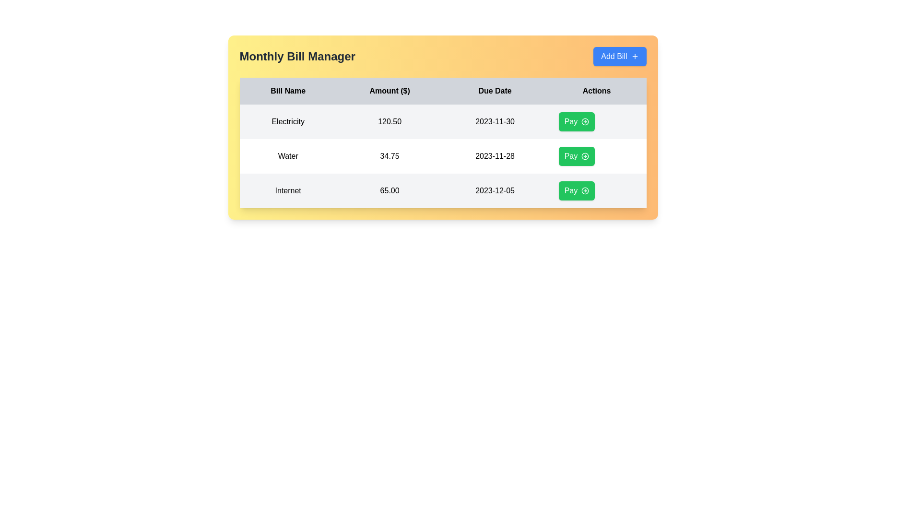  What do you see at coordinates (495, 121) in the screenshot?
I see `static text element displaying '2023-11-30' in the 'Due Date' column of the bill management table, positioned between 'Amount ($)' and 'Actions' columns` at bounding box center [495, 121].